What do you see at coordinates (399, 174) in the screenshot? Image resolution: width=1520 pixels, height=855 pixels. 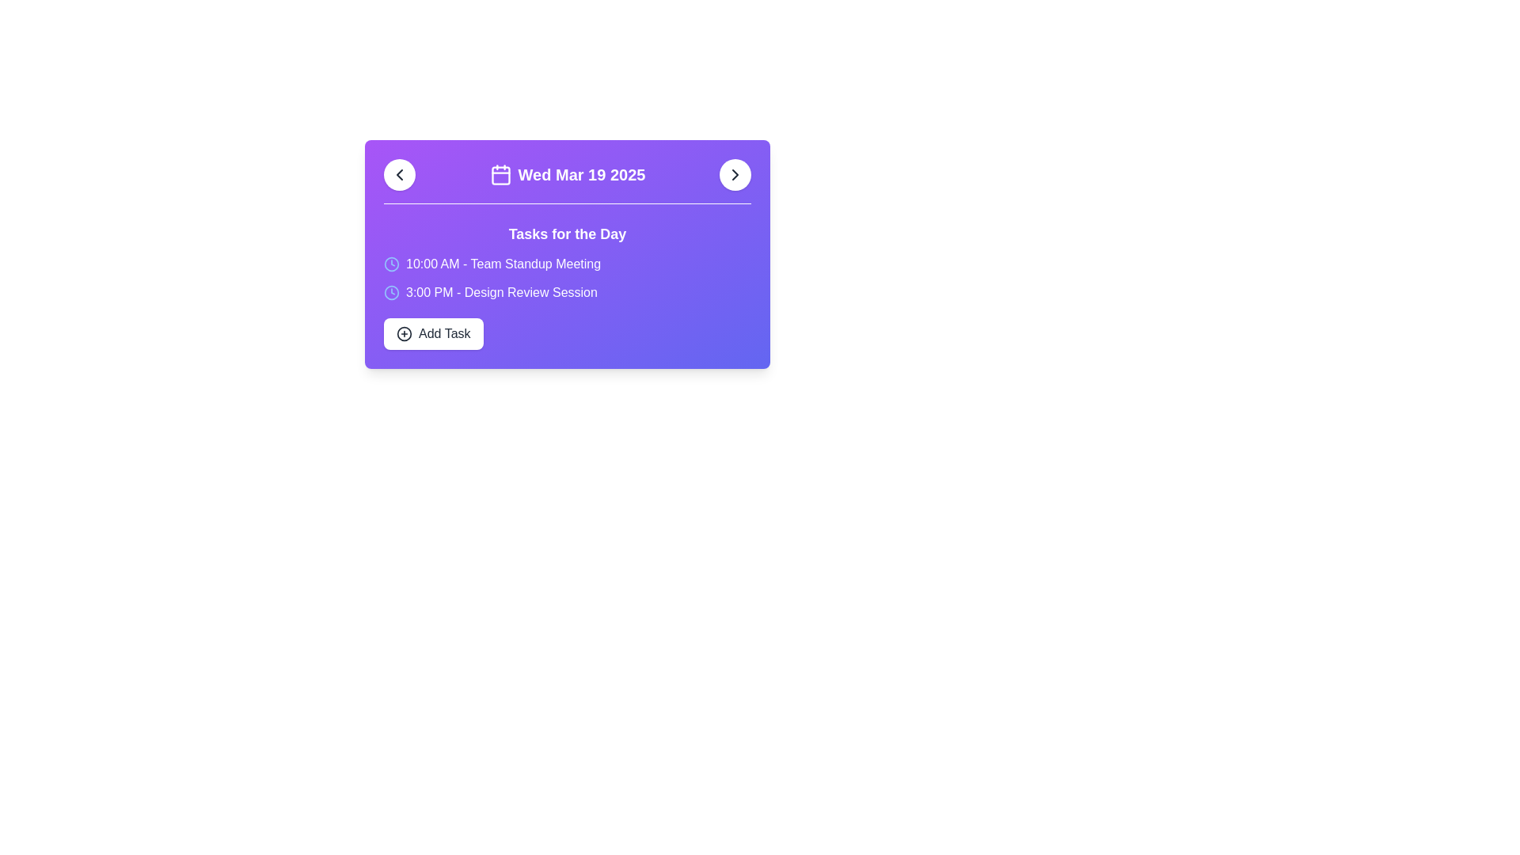 I see `the navigational Icon Button located in the top-left corner of the card interface` at bounding box center [399, 174].